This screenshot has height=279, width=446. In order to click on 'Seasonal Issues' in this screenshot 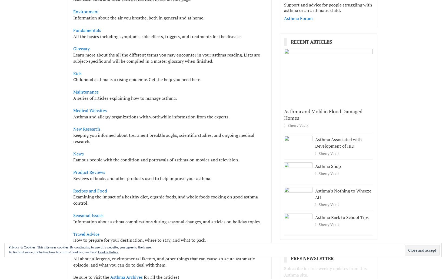, I will do `click(88, 215)`.